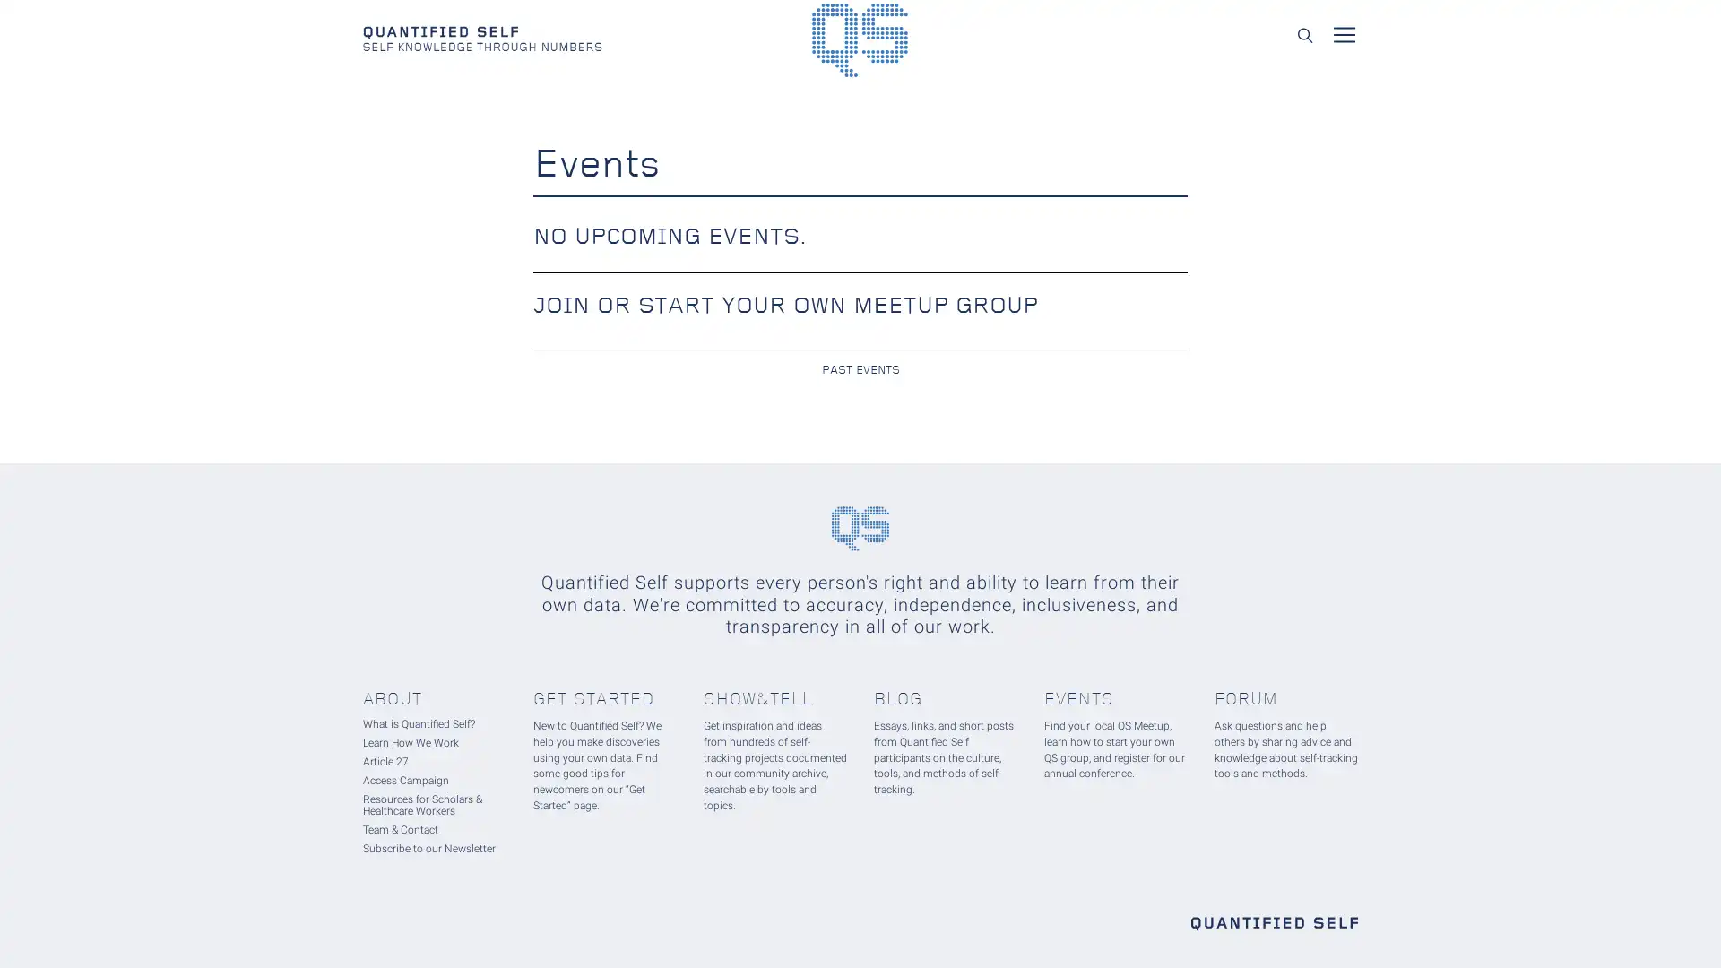 Image resolution: width=1721 pixels, height=968 pixels. What do you see at coordinates (1344, 34) in the screenshot?
I see `Toggle navigation` at bounding box center [1344, 34].